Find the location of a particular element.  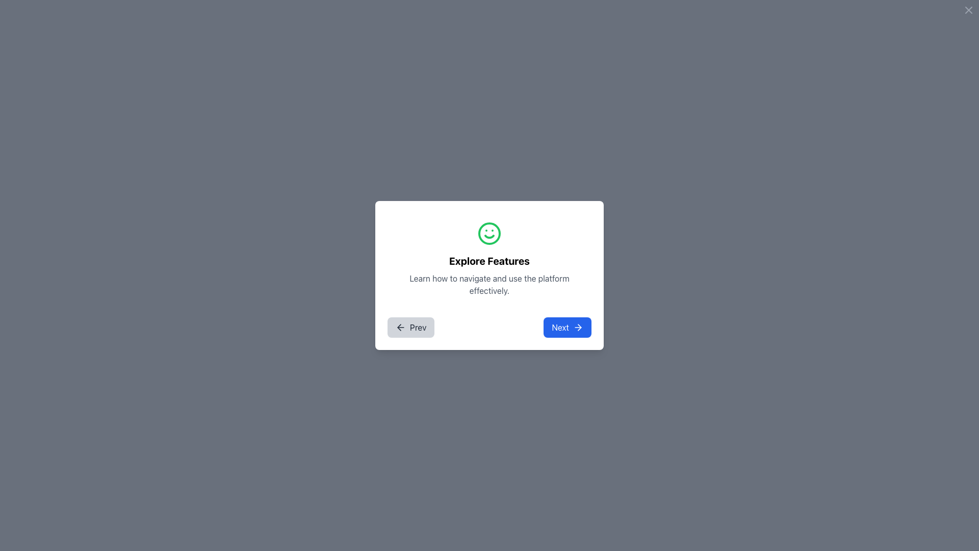

the rightward arrow icon within the 'Next' button on the modal dialog is located at coordinates (579, 327).